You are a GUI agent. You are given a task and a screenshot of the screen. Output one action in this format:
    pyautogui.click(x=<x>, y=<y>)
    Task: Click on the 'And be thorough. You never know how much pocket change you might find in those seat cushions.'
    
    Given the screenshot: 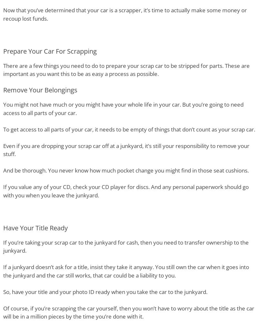 What is the action you would take?
    pyautogui.click(x=126, y=170)
    